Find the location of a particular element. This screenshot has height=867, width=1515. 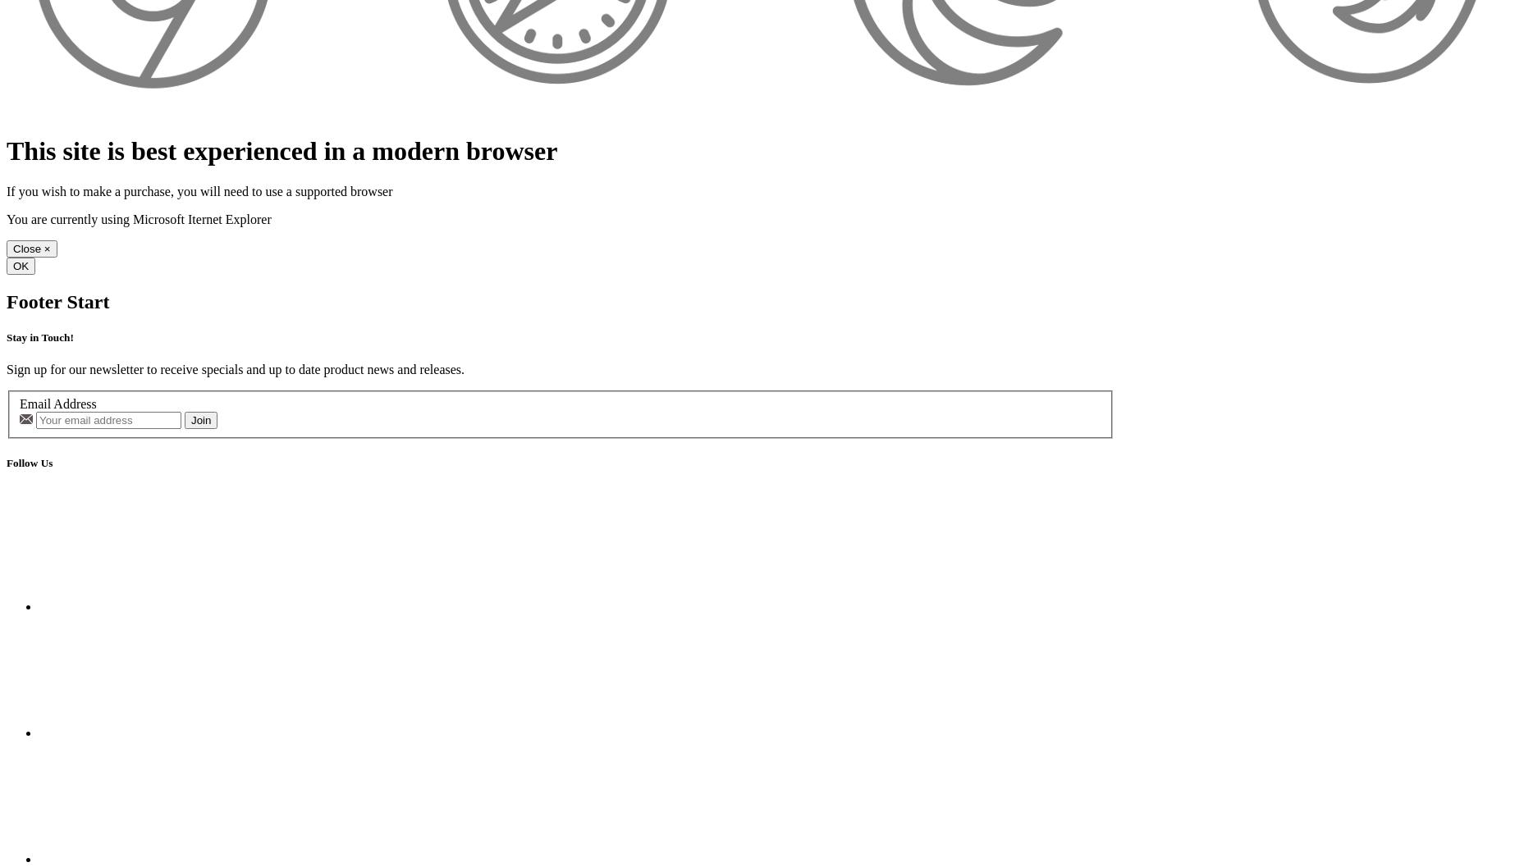

'You are currently using Microsoft Iternet Explorer' is located at coordinates (138, 217).